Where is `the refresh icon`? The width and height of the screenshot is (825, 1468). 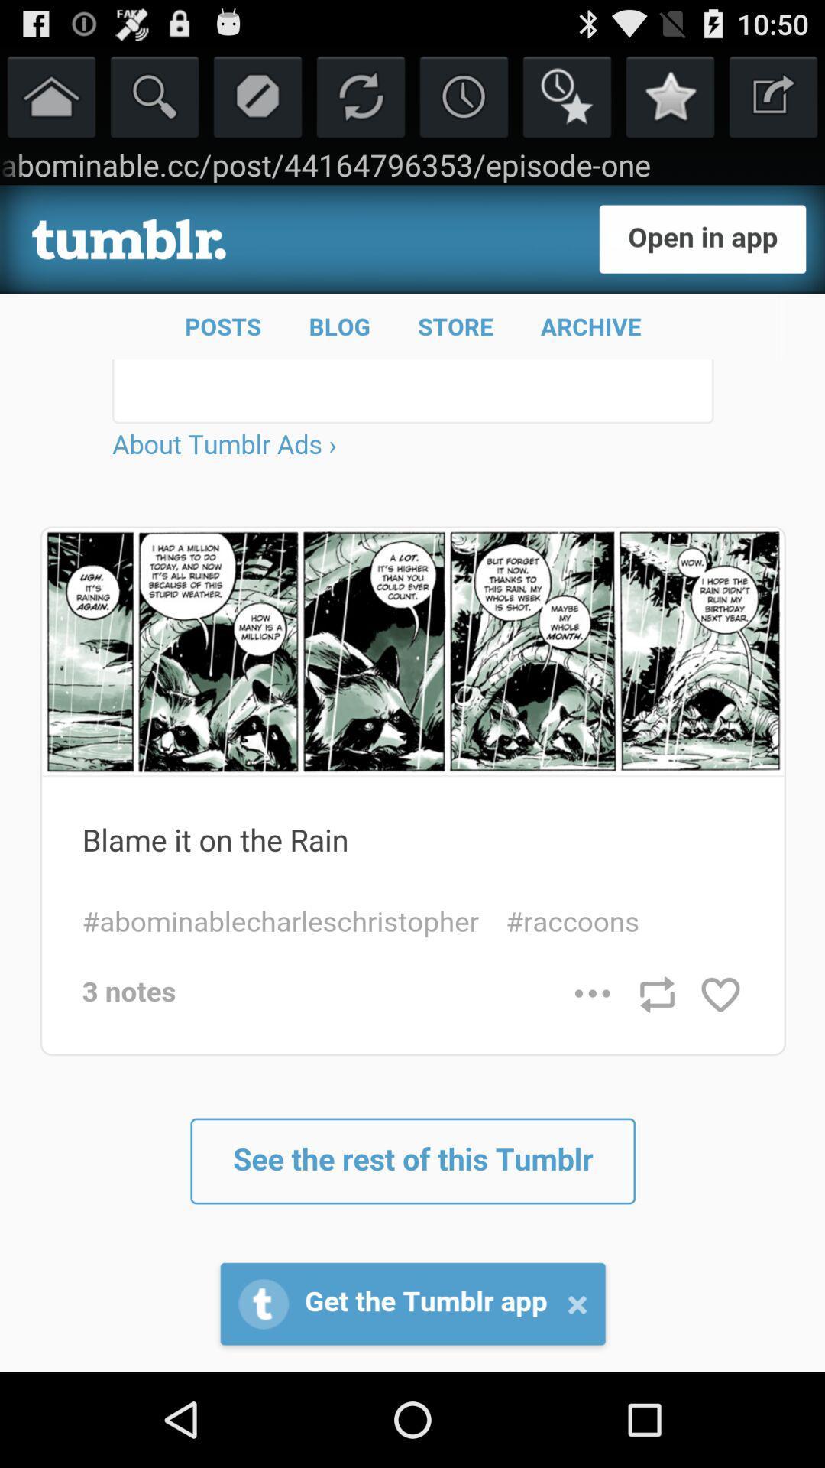 the refresh icon is located at coordinates (361, 102).